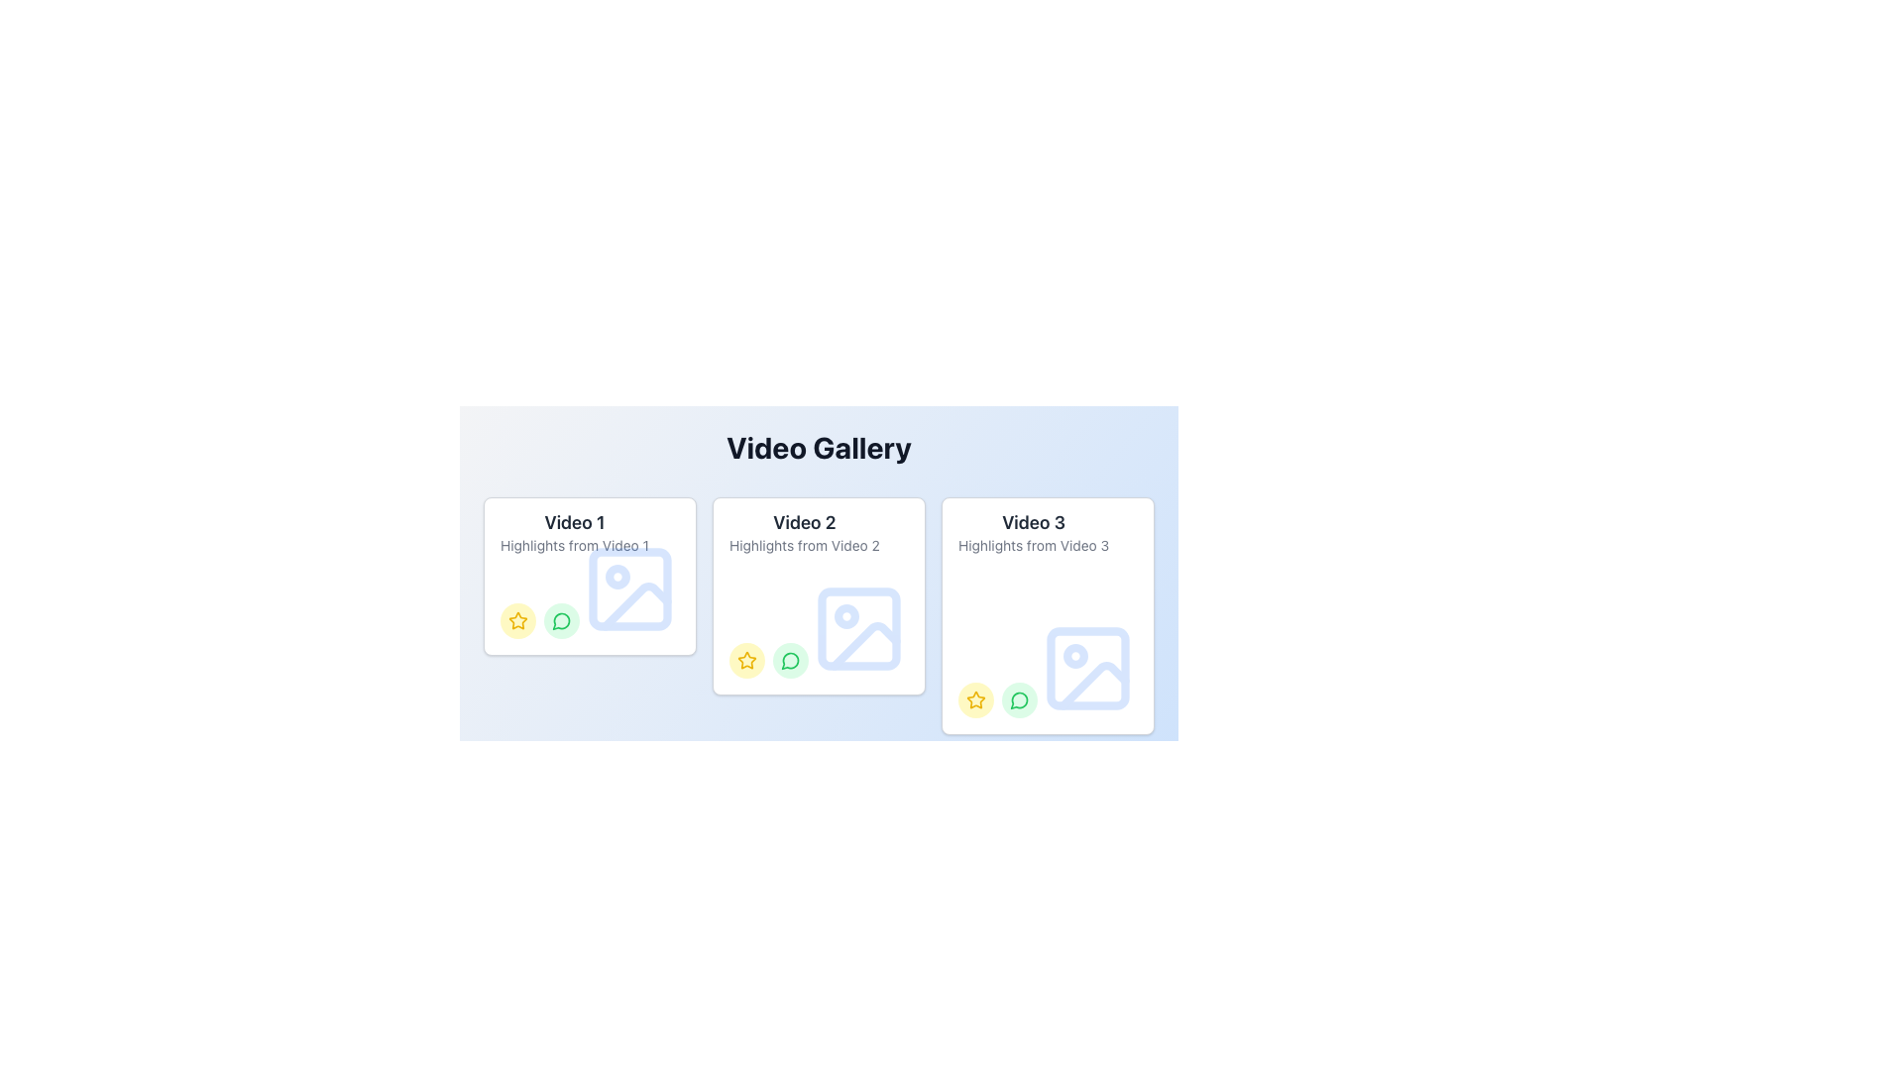  Describe the element at coordinates (574, 522) in the screenshot. I see `the 'Video 1' title text` at that location.